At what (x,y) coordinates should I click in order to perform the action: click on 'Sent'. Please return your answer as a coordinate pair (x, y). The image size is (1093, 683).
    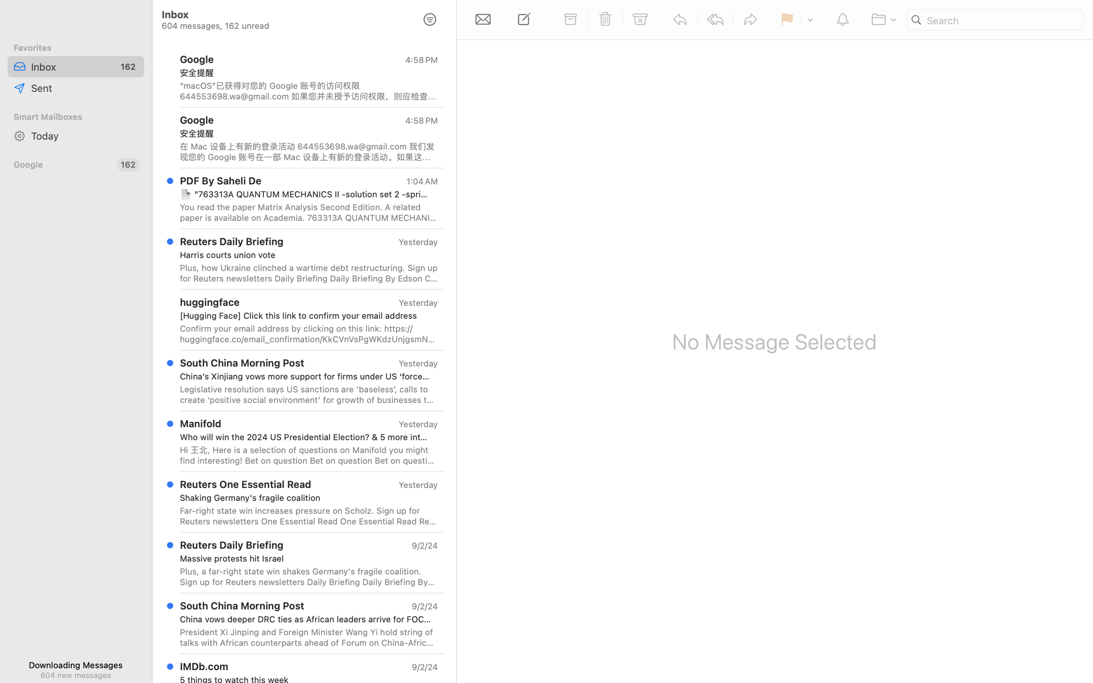
    Looking at the image, I should click on (84, 87).